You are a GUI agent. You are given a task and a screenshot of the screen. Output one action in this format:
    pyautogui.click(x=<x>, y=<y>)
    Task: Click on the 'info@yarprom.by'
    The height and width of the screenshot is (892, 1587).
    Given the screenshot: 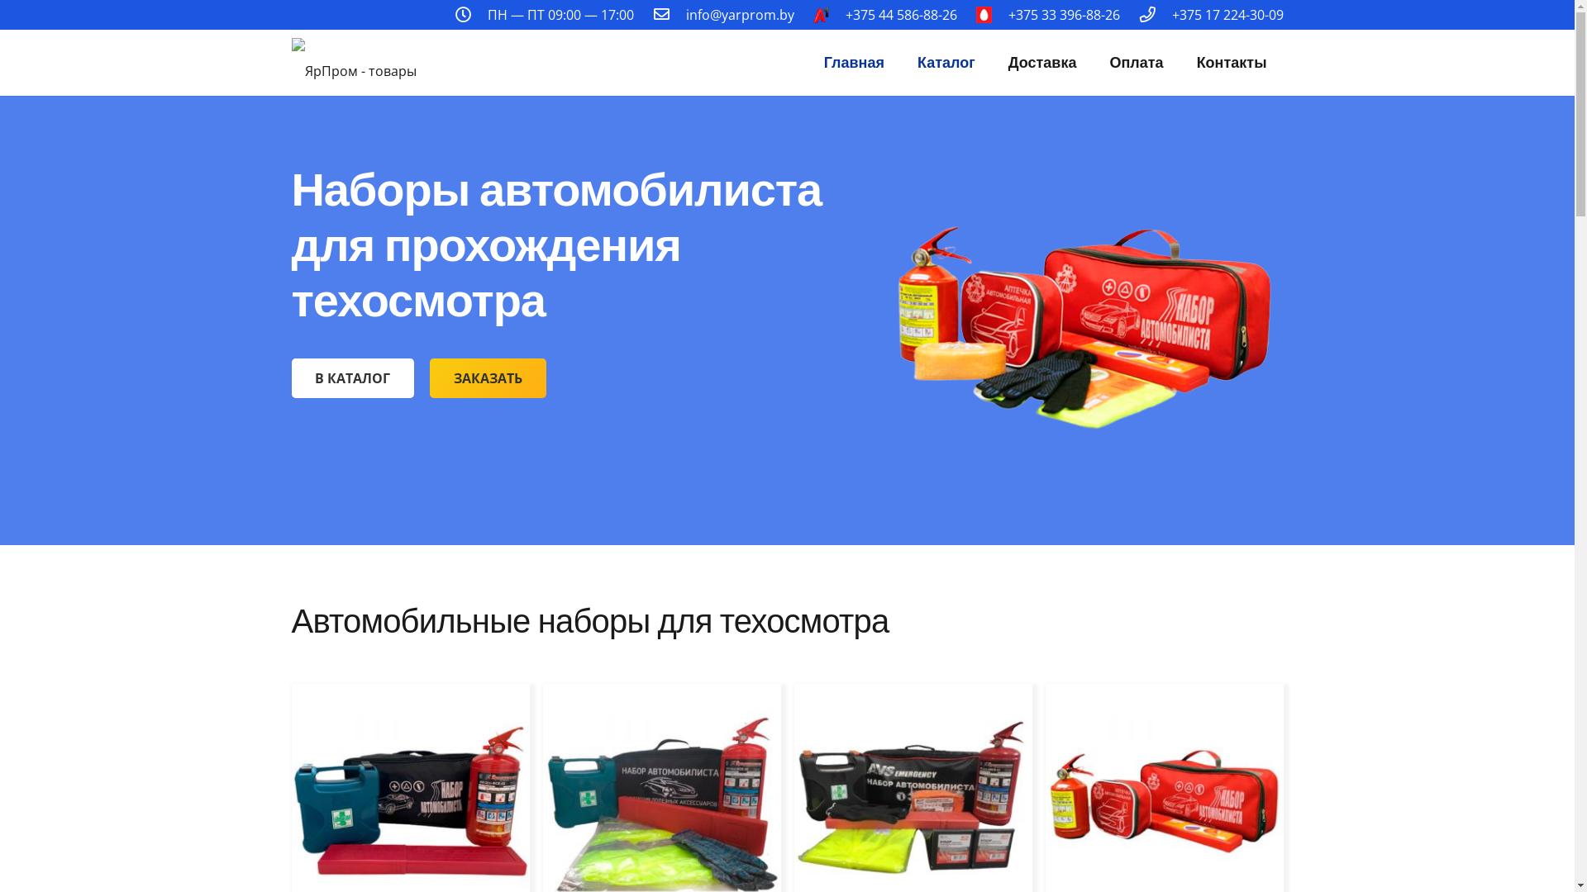 What is the action you would take?
    pyautogui.click(x=739, y=15)
    